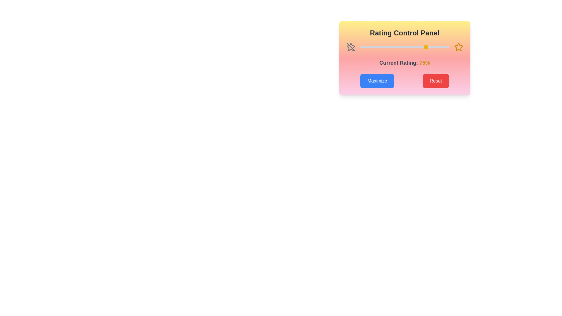 This screenshot has width=562, height=316. I want to click on the rating slider to 78%, so click(429, 47).